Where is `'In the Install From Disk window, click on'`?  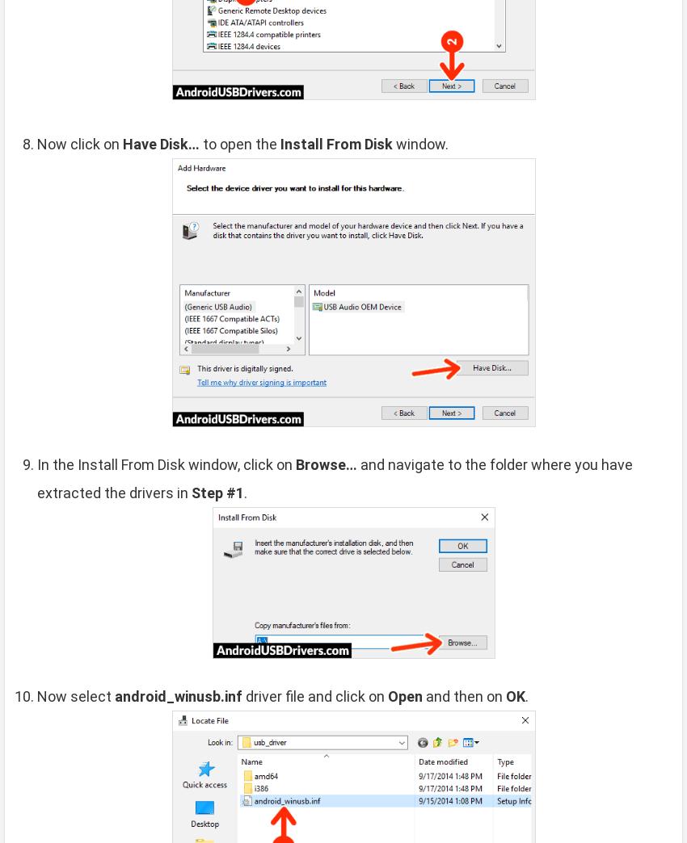 'In the Install From Disk window, click on' is located at coordinates (166, 463).